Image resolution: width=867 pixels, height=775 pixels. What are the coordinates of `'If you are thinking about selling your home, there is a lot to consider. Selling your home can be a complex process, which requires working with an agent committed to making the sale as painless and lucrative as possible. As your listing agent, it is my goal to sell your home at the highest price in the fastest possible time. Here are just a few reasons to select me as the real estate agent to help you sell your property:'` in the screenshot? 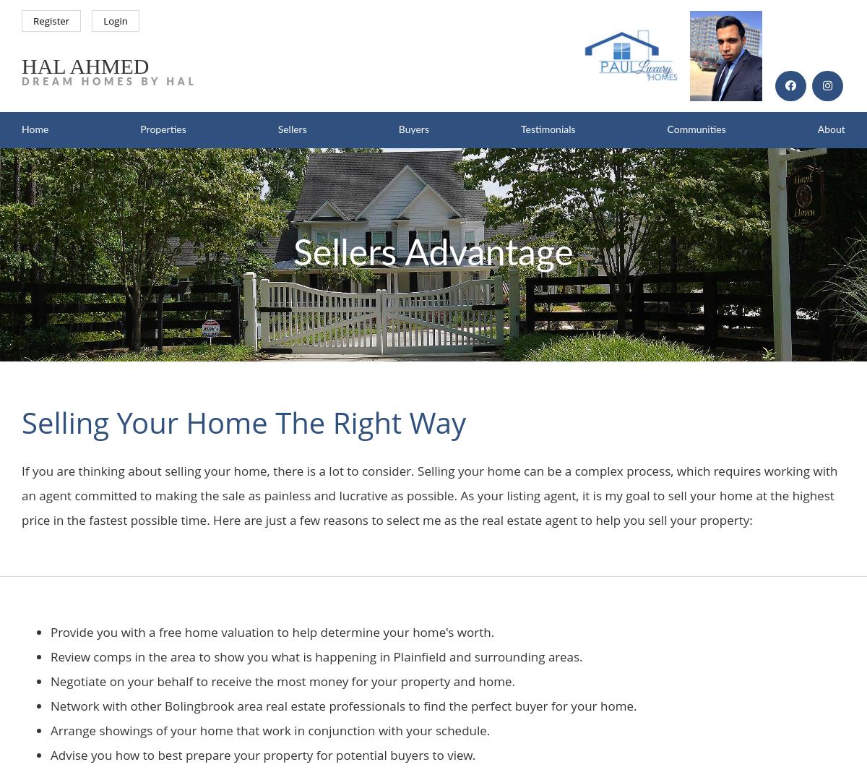 It's located at (428, 494).